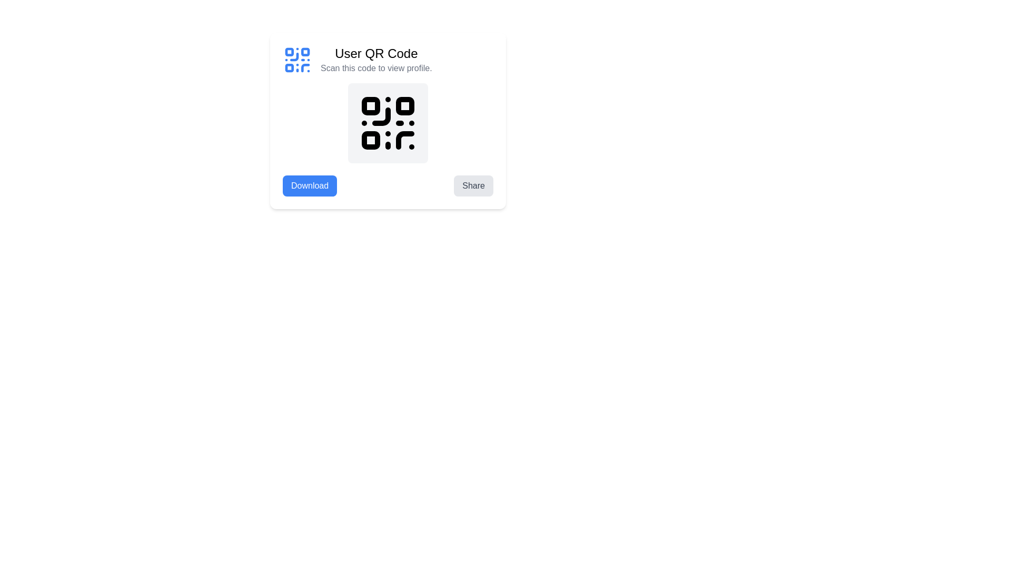 The height and width of the screenshot is (569, 1011). Describe the element at coordinates (376, 53) in the screenshot. I see `the descriptive title text label located at the top-right portion of the card, which indicates the purpose of the QR code displayed below it` at that location.